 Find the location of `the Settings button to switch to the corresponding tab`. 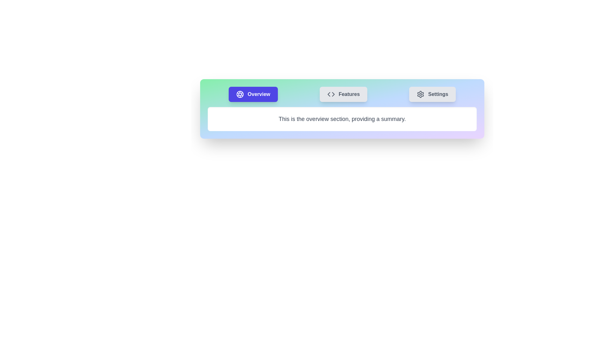

the Settings button to switch to the corresponding tab is located at coordinates (432, 94).